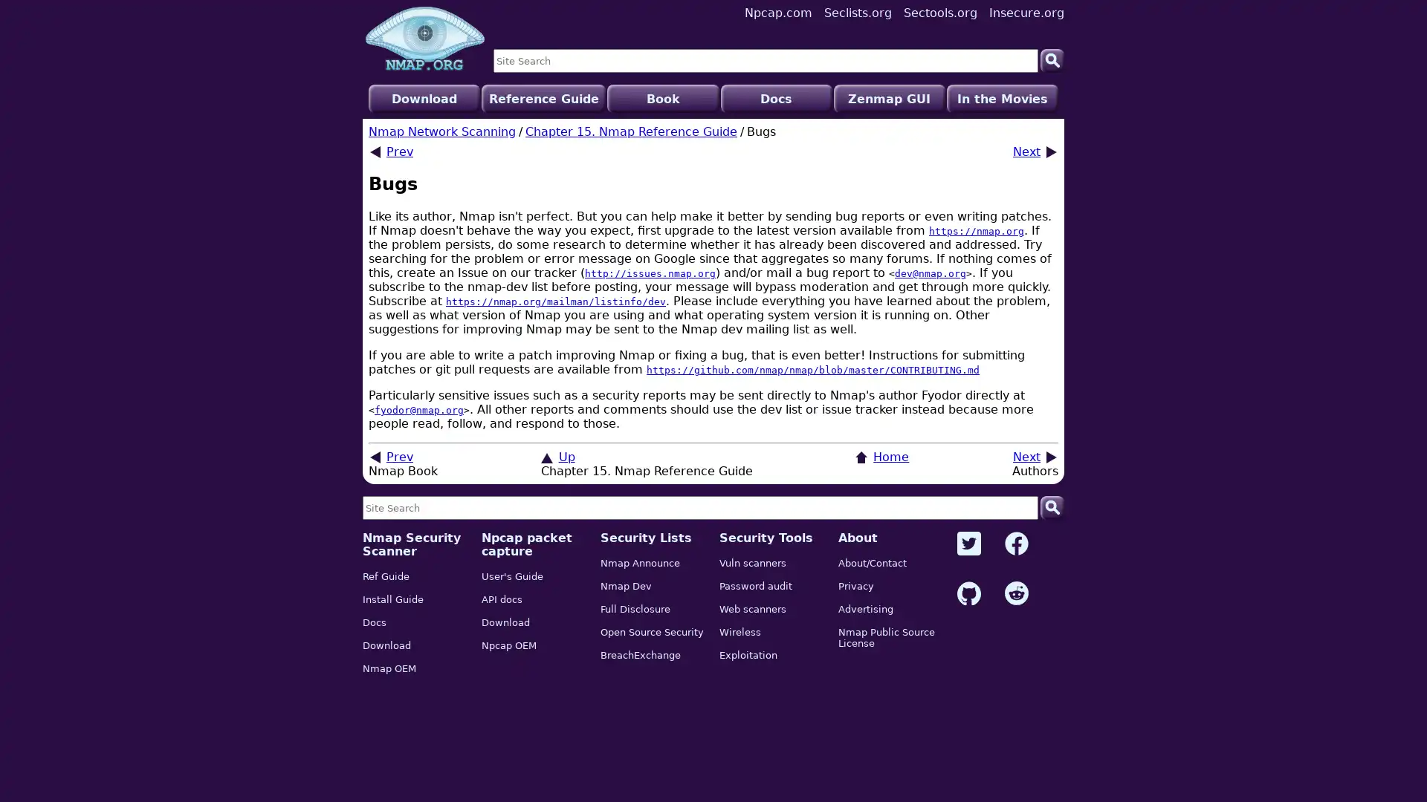 The image size is (1427, 802). I want to click on Search, so click(1052, 59).